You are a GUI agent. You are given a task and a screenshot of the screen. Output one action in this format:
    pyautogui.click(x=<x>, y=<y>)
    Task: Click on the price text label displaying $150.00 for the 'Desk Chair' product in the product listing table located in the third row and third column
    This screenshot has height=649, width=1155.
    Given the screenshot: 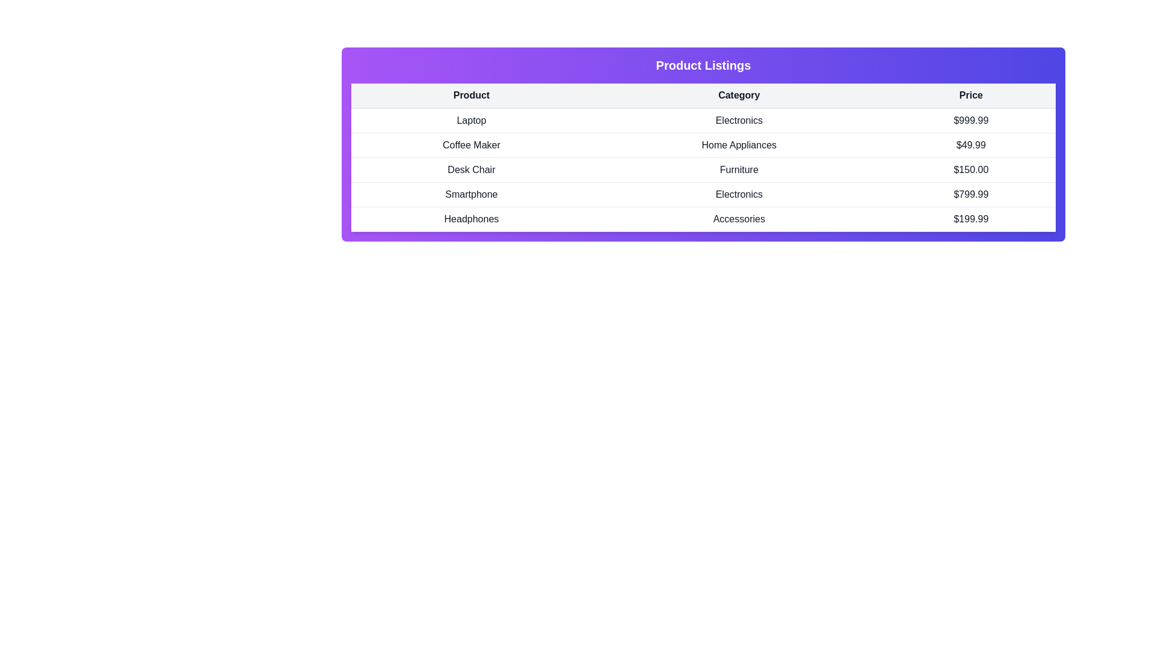 What is the action you would take?
    pyautogui.click(x=971, y=169)
    